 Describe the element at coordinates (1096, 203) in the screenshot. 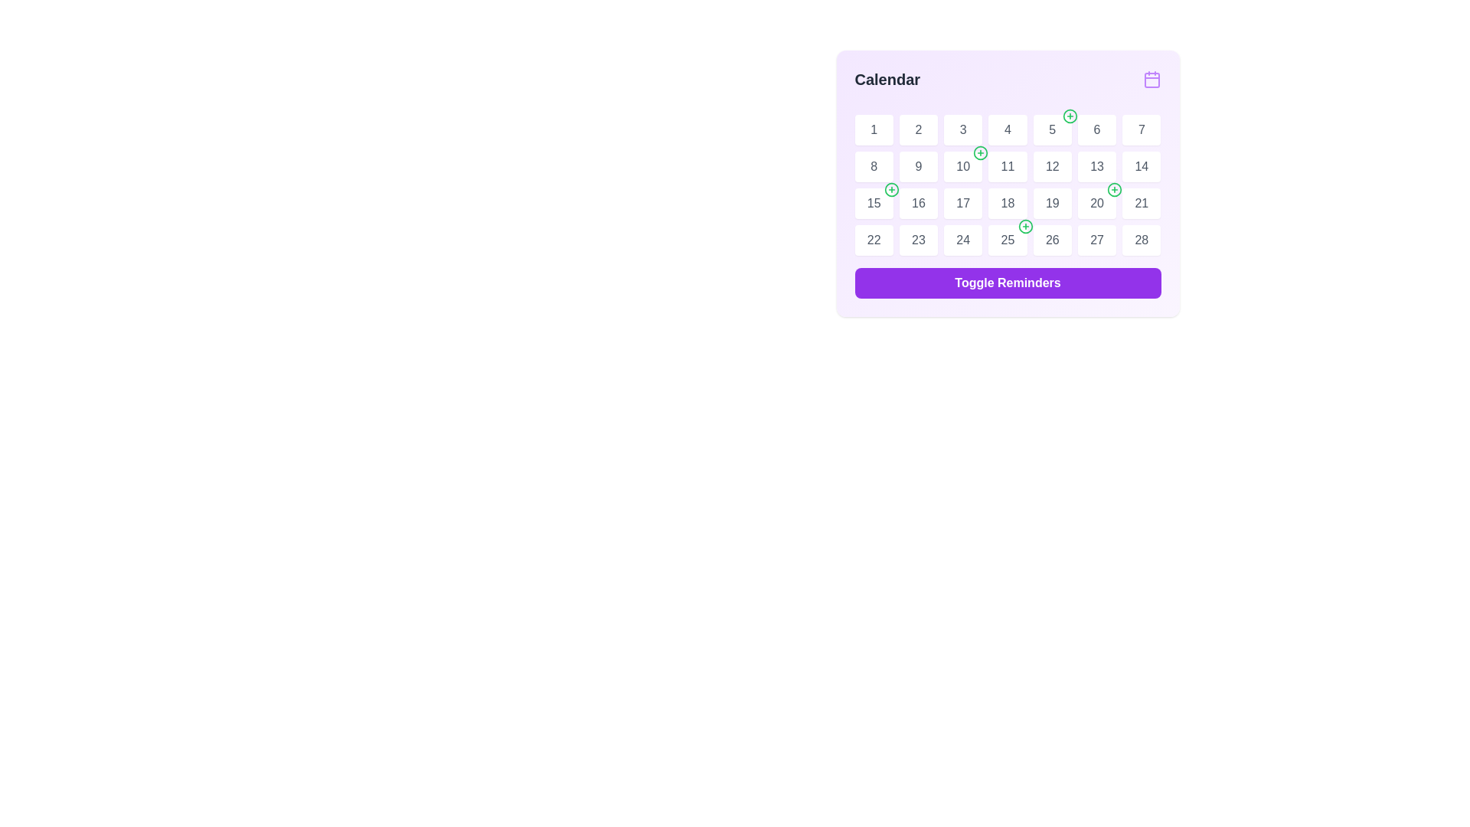

I see `the calendar day box displaying the number '20'` at that location.